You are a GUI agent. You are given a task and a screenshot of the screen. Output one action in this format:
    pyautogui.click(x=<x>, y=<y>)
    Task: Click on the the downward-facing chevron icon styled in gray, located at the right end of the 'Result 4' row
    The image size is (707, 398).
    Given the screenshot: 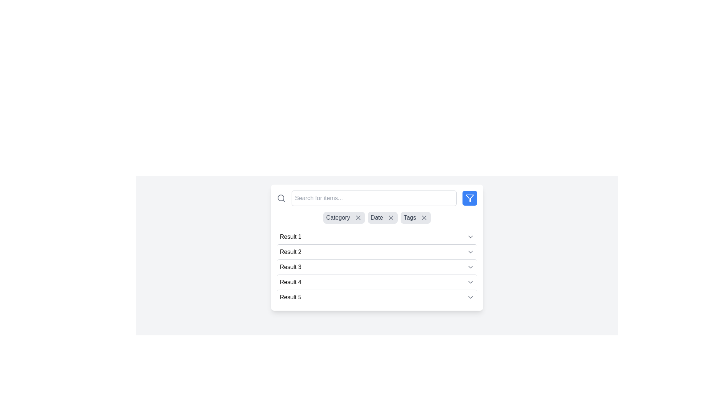 What is the action you would take?
    pyautogui.click(x=470, y=282)
    